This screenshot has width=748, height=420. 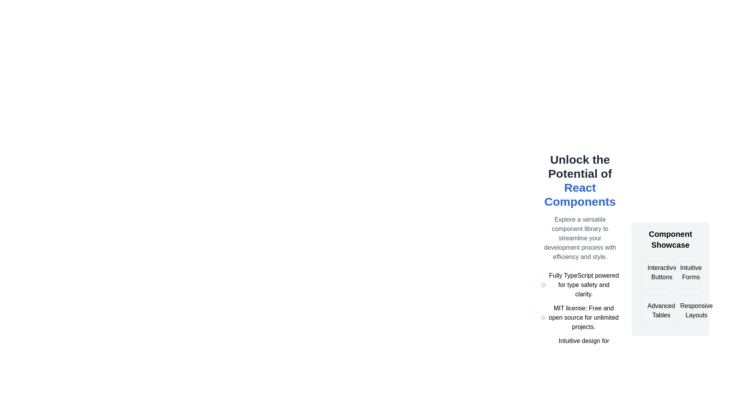 I want to click on the text 'Interactive Buttons' in the Informative box located in the top-left corner of the component grid under the 'Component Showcase' section, so click(x=654, y=272).